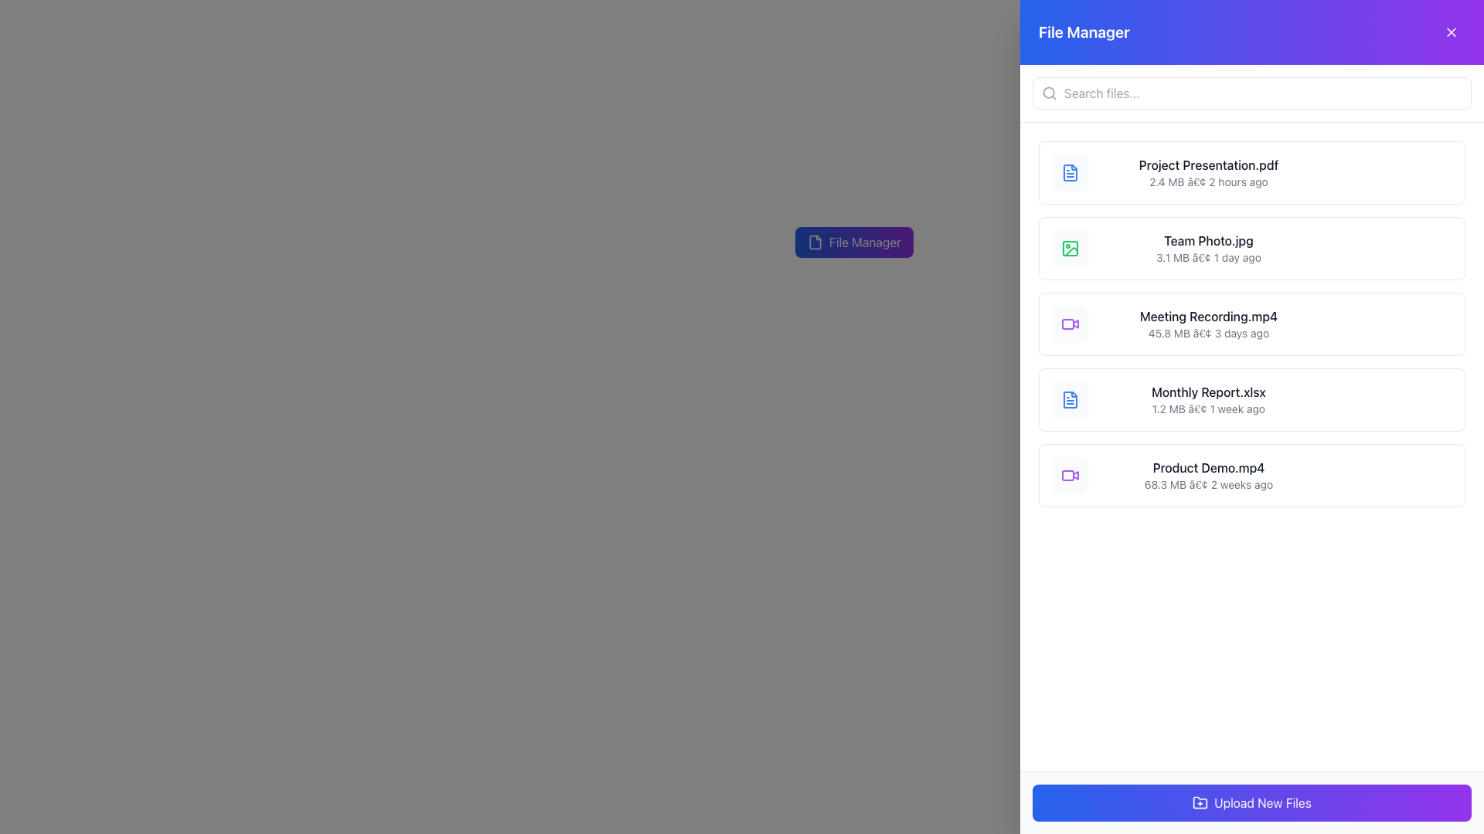 This screenshot has height=834, width=1484. What do you see at coordinates (1252, 172) in the screenshot?
I see `the first file entry in the file manager list` at bounding box center [1252, 172].